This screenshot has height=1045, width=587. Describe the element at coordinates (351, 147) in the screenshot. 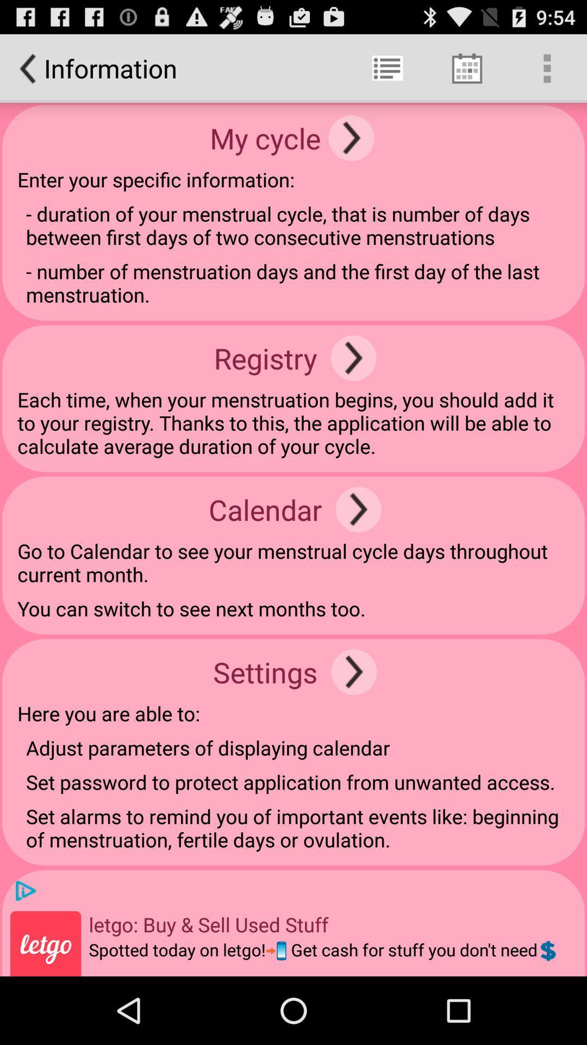

I see `the arrow_forward icon` at that location.